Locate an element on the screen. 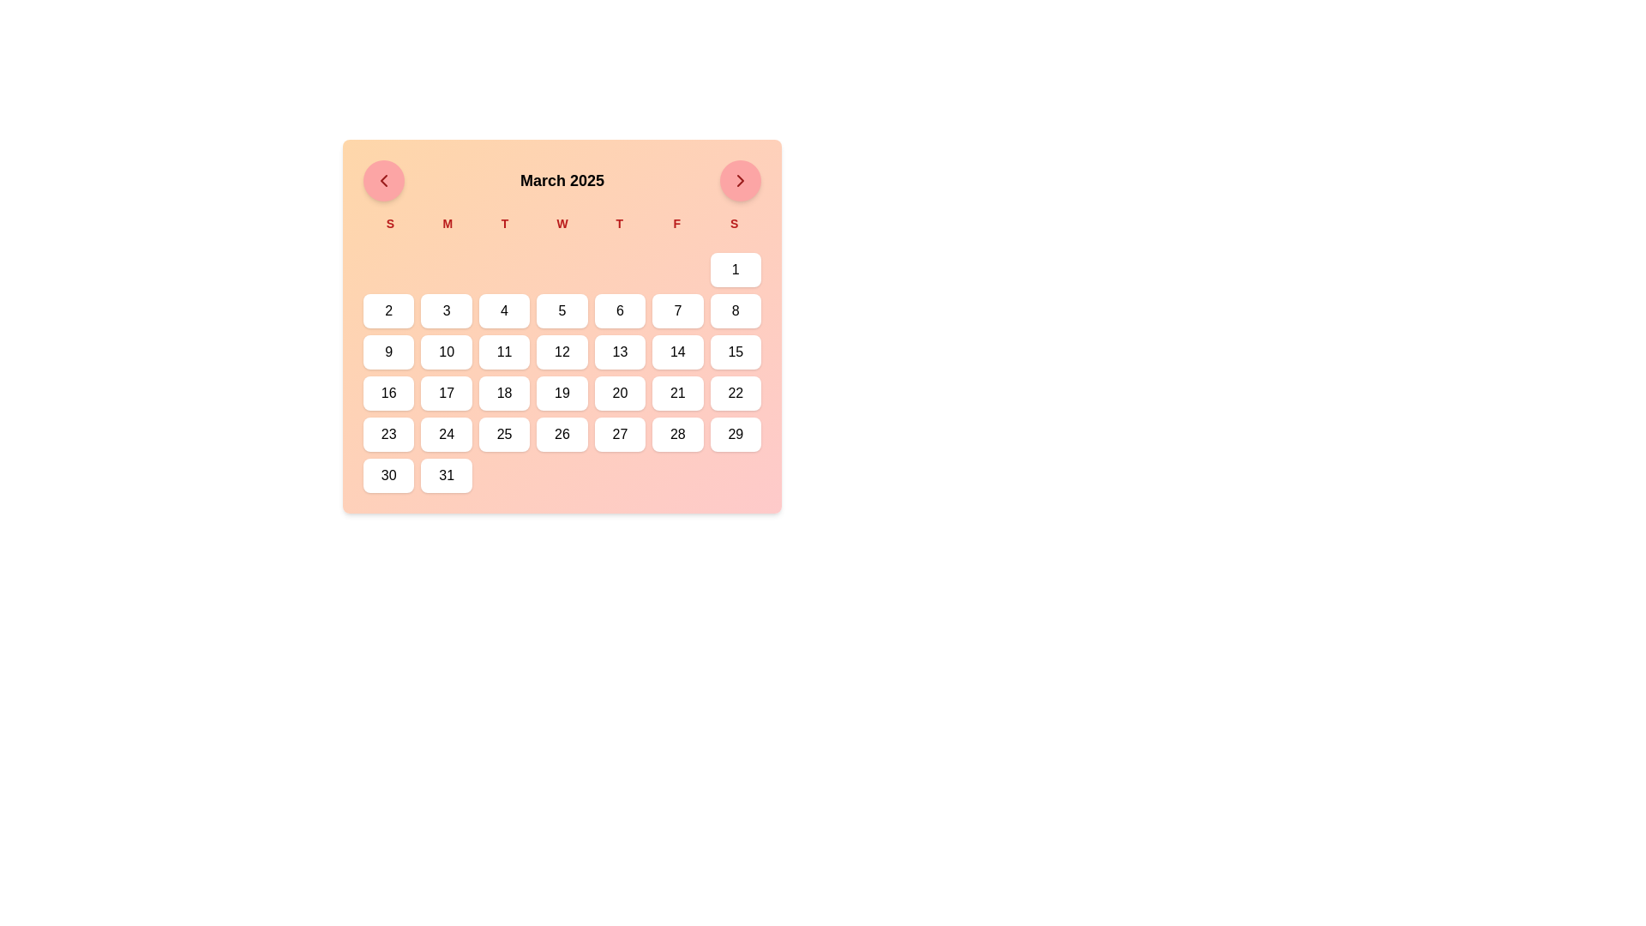 The height and width of the screenshot is (926, 1646). the date button representing '31' in the sixth row and second column of the calendar grid is located at coordinates (447, 476).